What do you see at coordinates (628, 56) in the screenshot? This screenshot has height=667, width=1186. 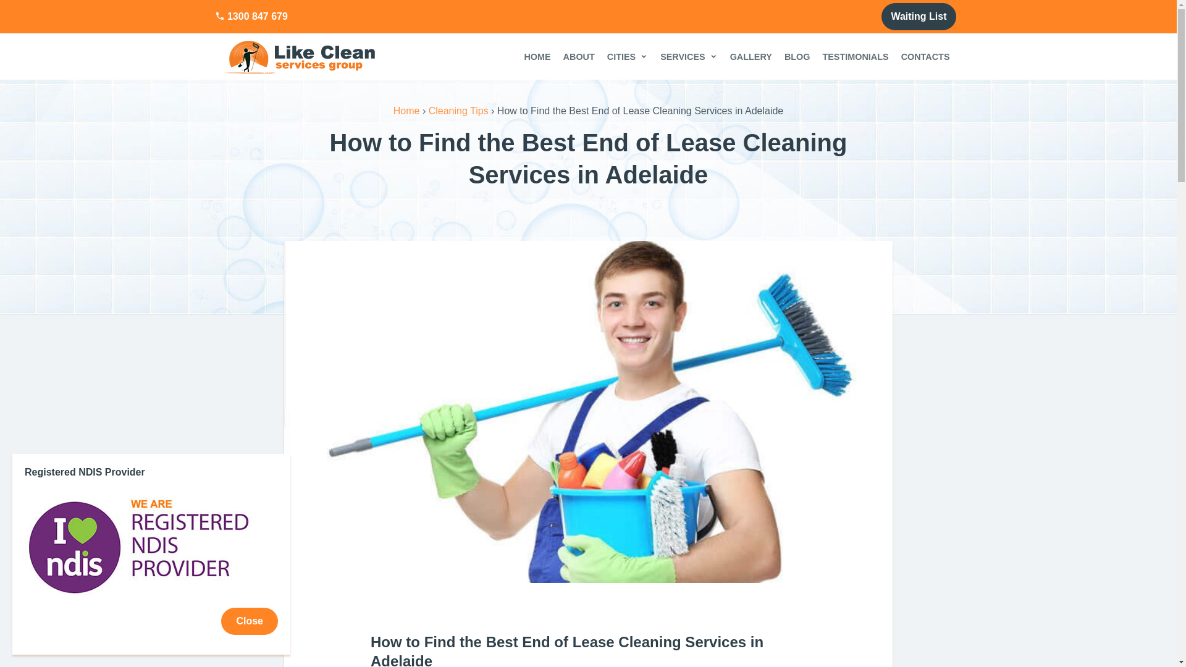 I see `'CITIES'` at bounding box center [628, 56].